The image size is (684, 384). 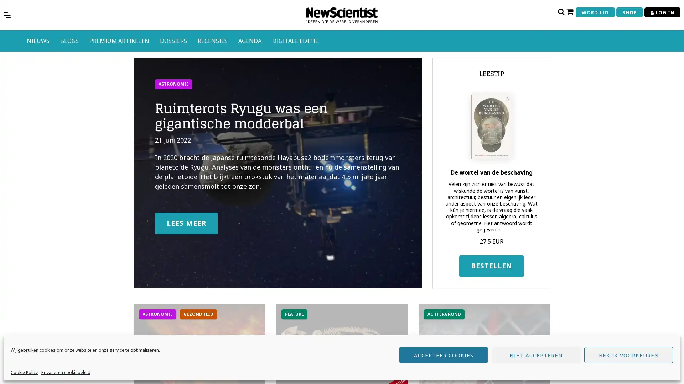 What do you see at coordinates (629, 355) in the screenshot?
I see `BEKIJK VOORKEUREN` at bounding box center [629, 355].